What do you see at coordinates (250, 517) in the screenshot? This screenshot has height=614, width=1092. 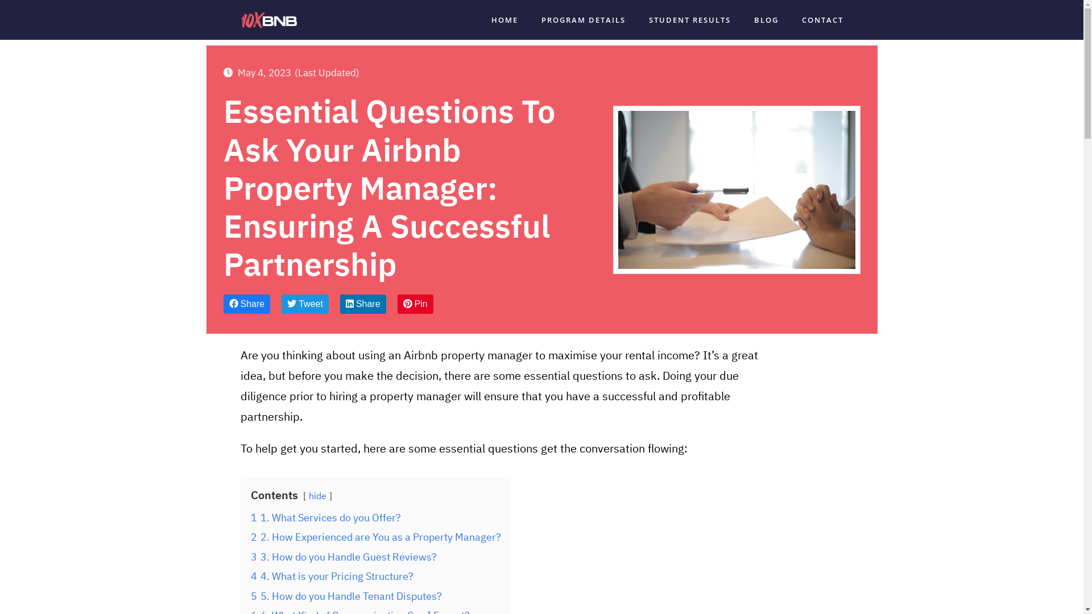 I see `'1 1. What Services do you Offer?'` at bounding box center [250, 517].